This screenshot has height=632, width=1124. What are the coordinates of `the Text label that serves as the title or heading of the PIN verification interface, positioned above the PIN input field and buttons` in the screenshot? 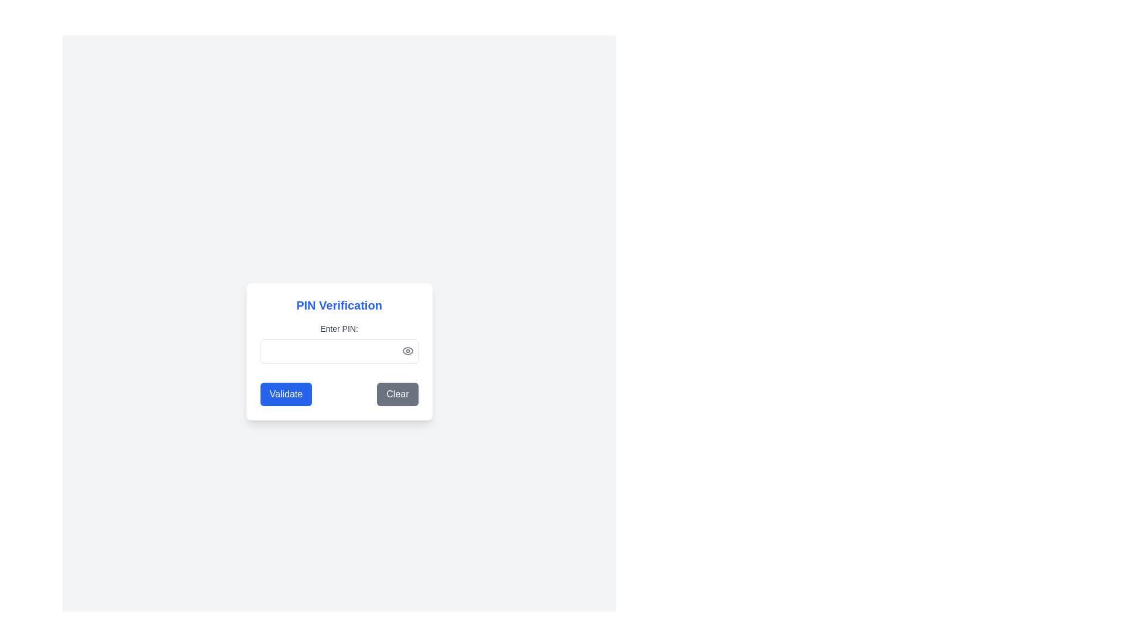 It's located at (338, 304).